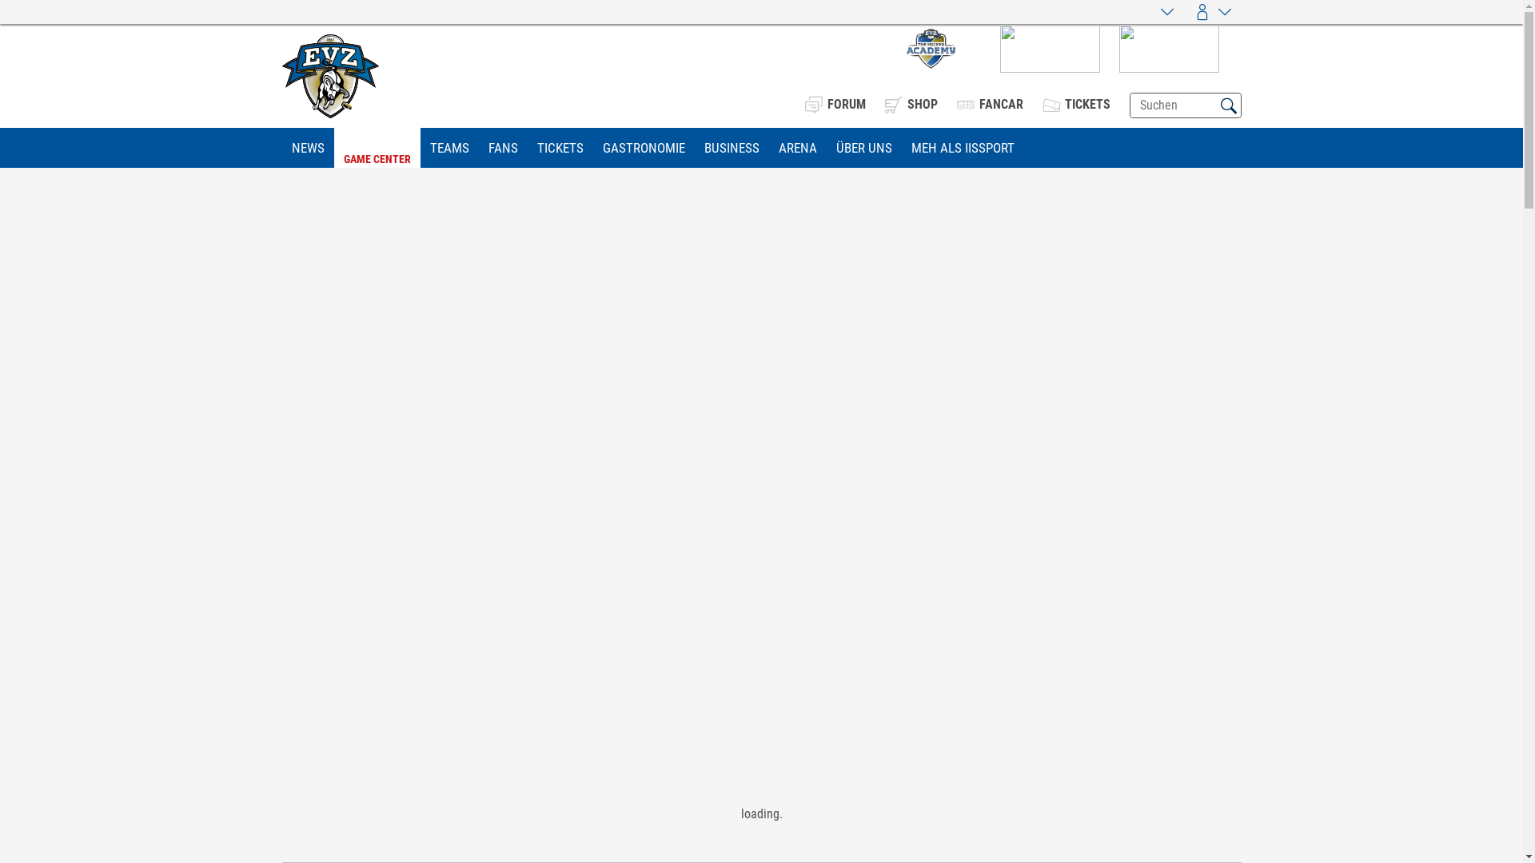  Describe the element at coordinates (833, 104) in the screenshot. I see `'FORUM'` at that location.